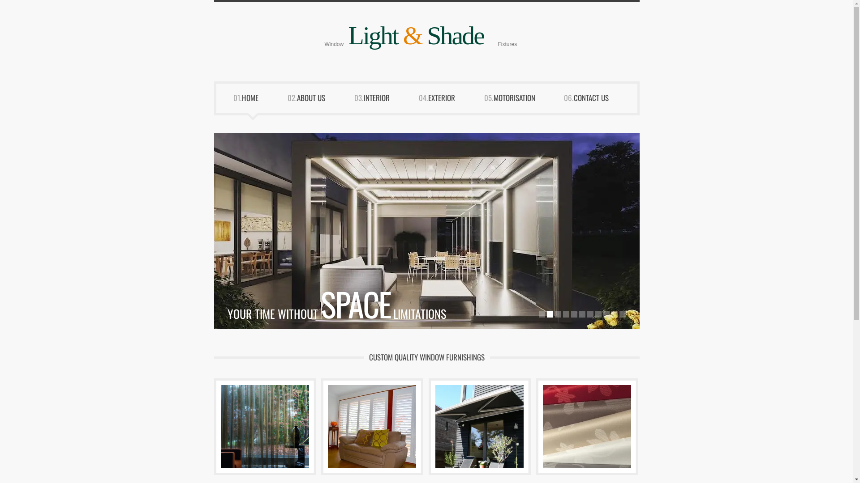 The image size is (860, 483). Describe the element at coordinates (598, 314) in the screenshot. I see `'8'` at that location.